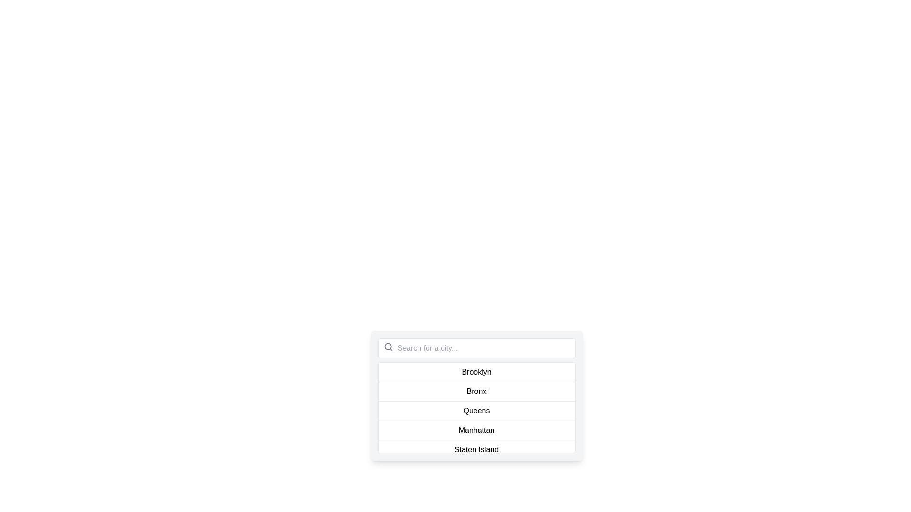 The image size is (911, 512). Describe the element at coordinates (476, 430) in the screenshot. I see `the fourth item in the dropdown menu representing the city 'Manhattan'` at that location.